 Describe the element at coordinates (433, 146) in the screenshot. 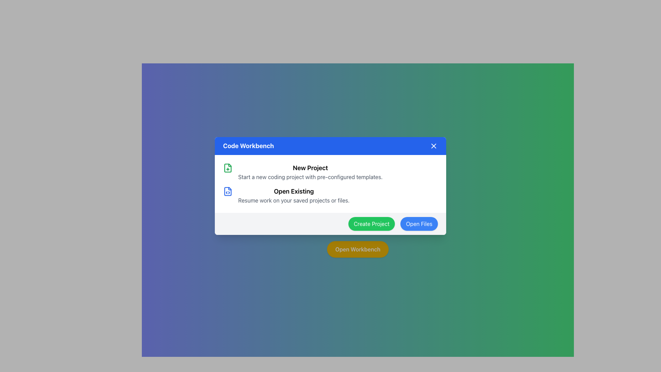

I see `the close button (X icon) located in the top-right corner of the 'Code Workbench' modal` at that location.